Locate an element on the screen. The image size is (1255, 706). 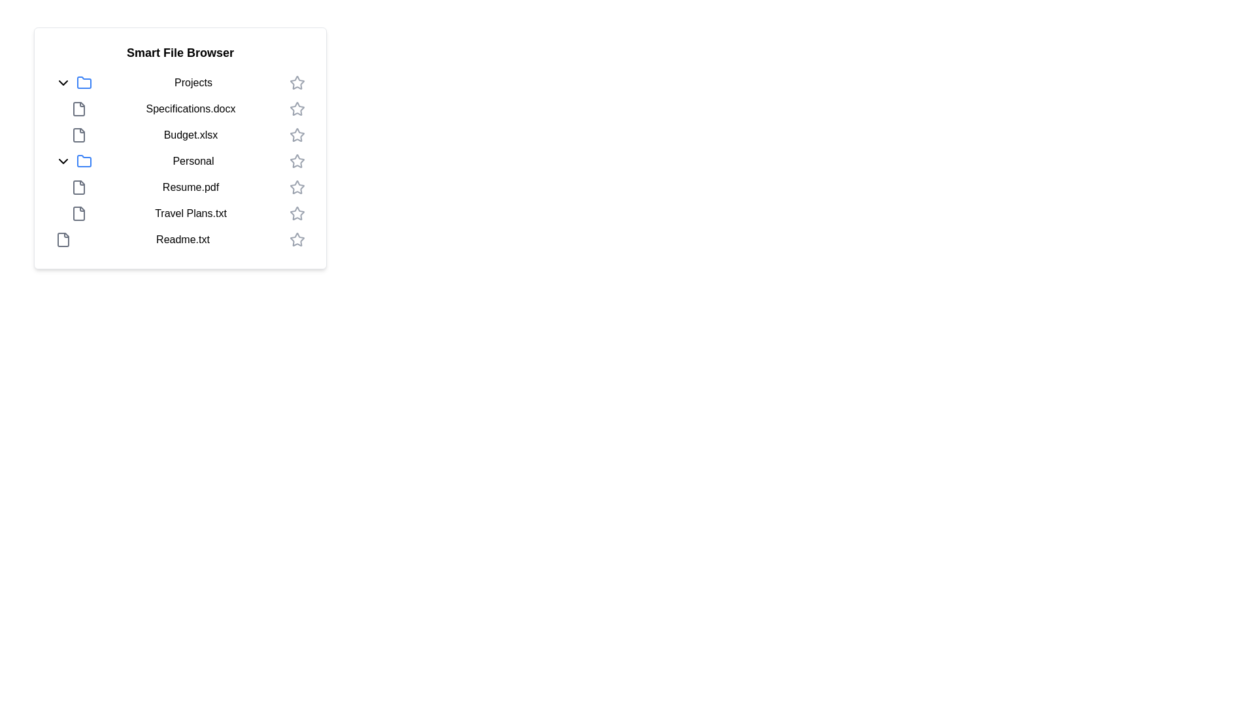
the collapsible menu item labeled 'Projects' in the vertical navigation system is located at coordinates (179, 83).